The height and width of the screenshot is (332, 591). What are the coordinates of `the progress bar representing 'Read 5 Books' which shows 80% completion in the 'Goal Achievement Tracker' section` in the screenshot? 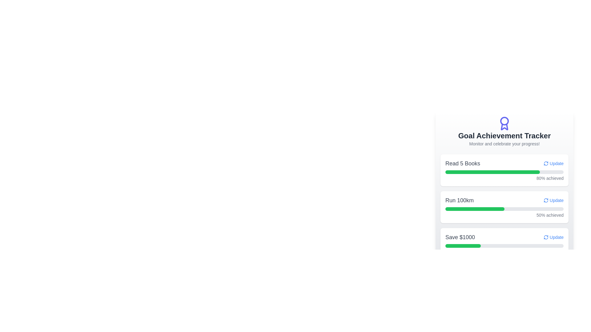 It's located at (504, 176).